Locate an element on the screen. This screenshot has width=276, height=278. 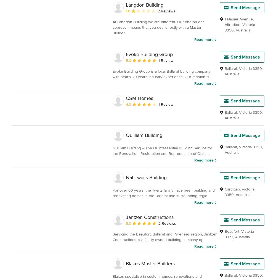
'Jantzen Constructions' is located at coordinates (150, 217).